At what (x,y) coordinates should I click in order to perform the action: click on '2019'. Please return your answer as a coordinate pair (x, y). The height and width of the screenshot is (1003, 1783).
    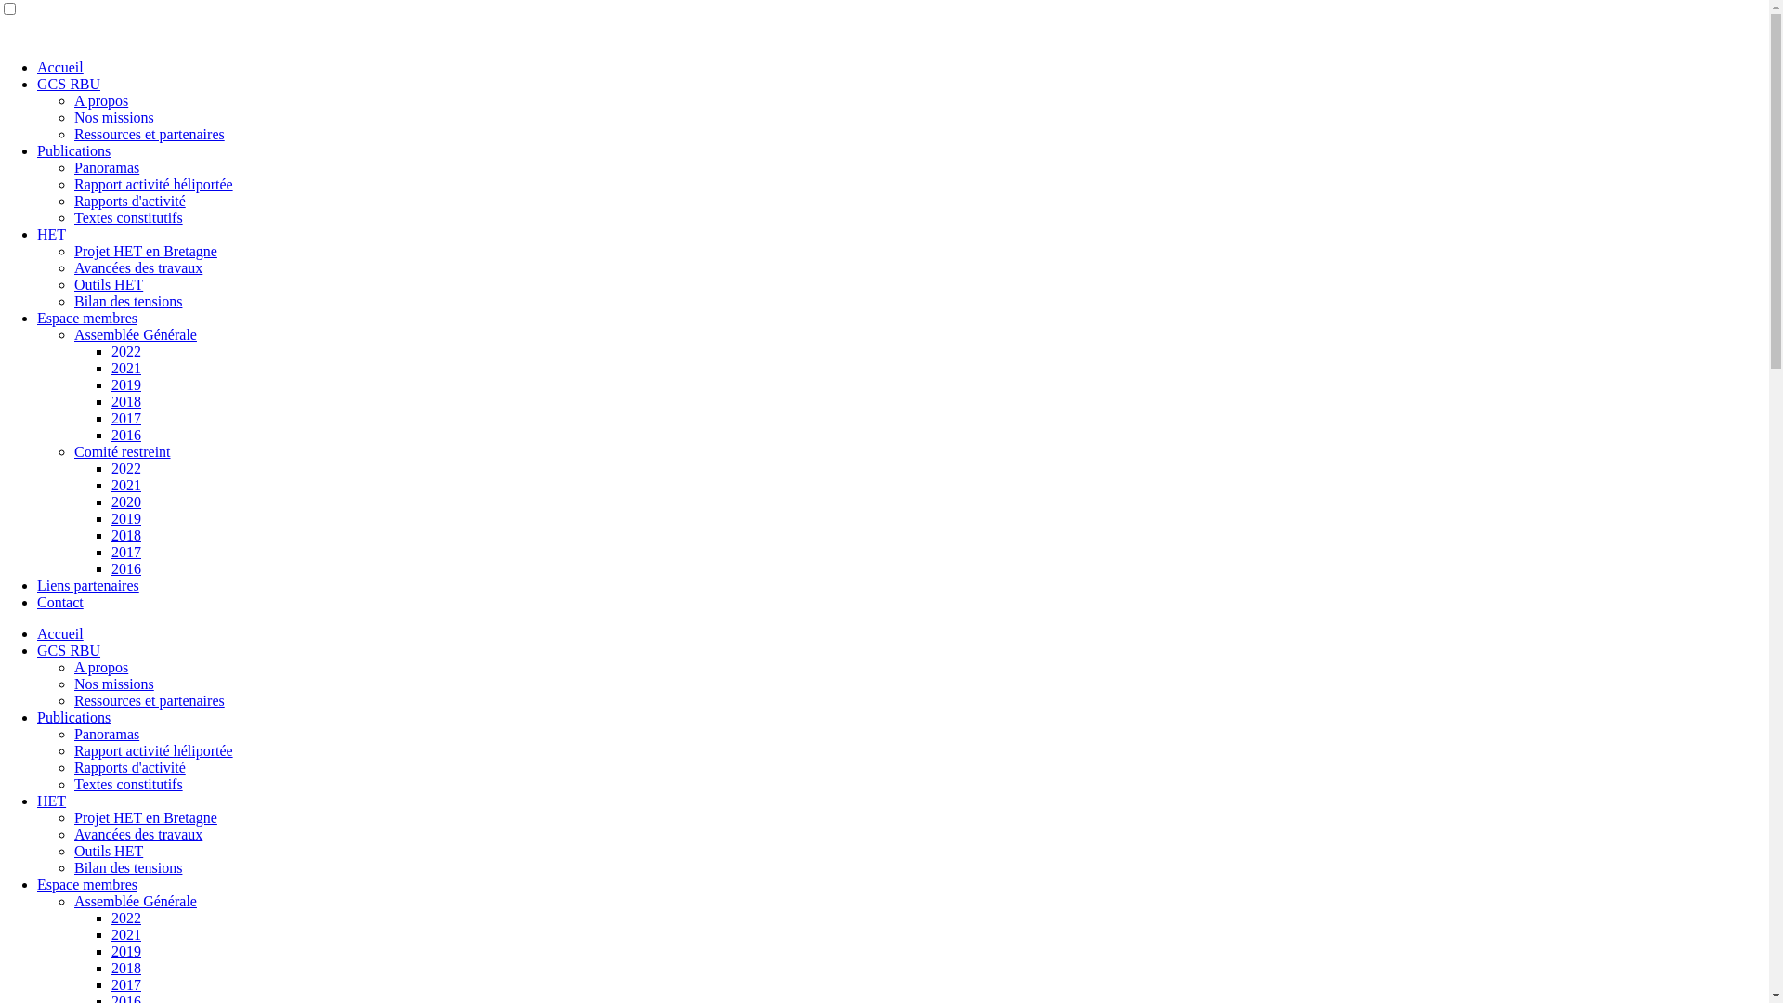
    Looking at the image, I should click on (124, 518).